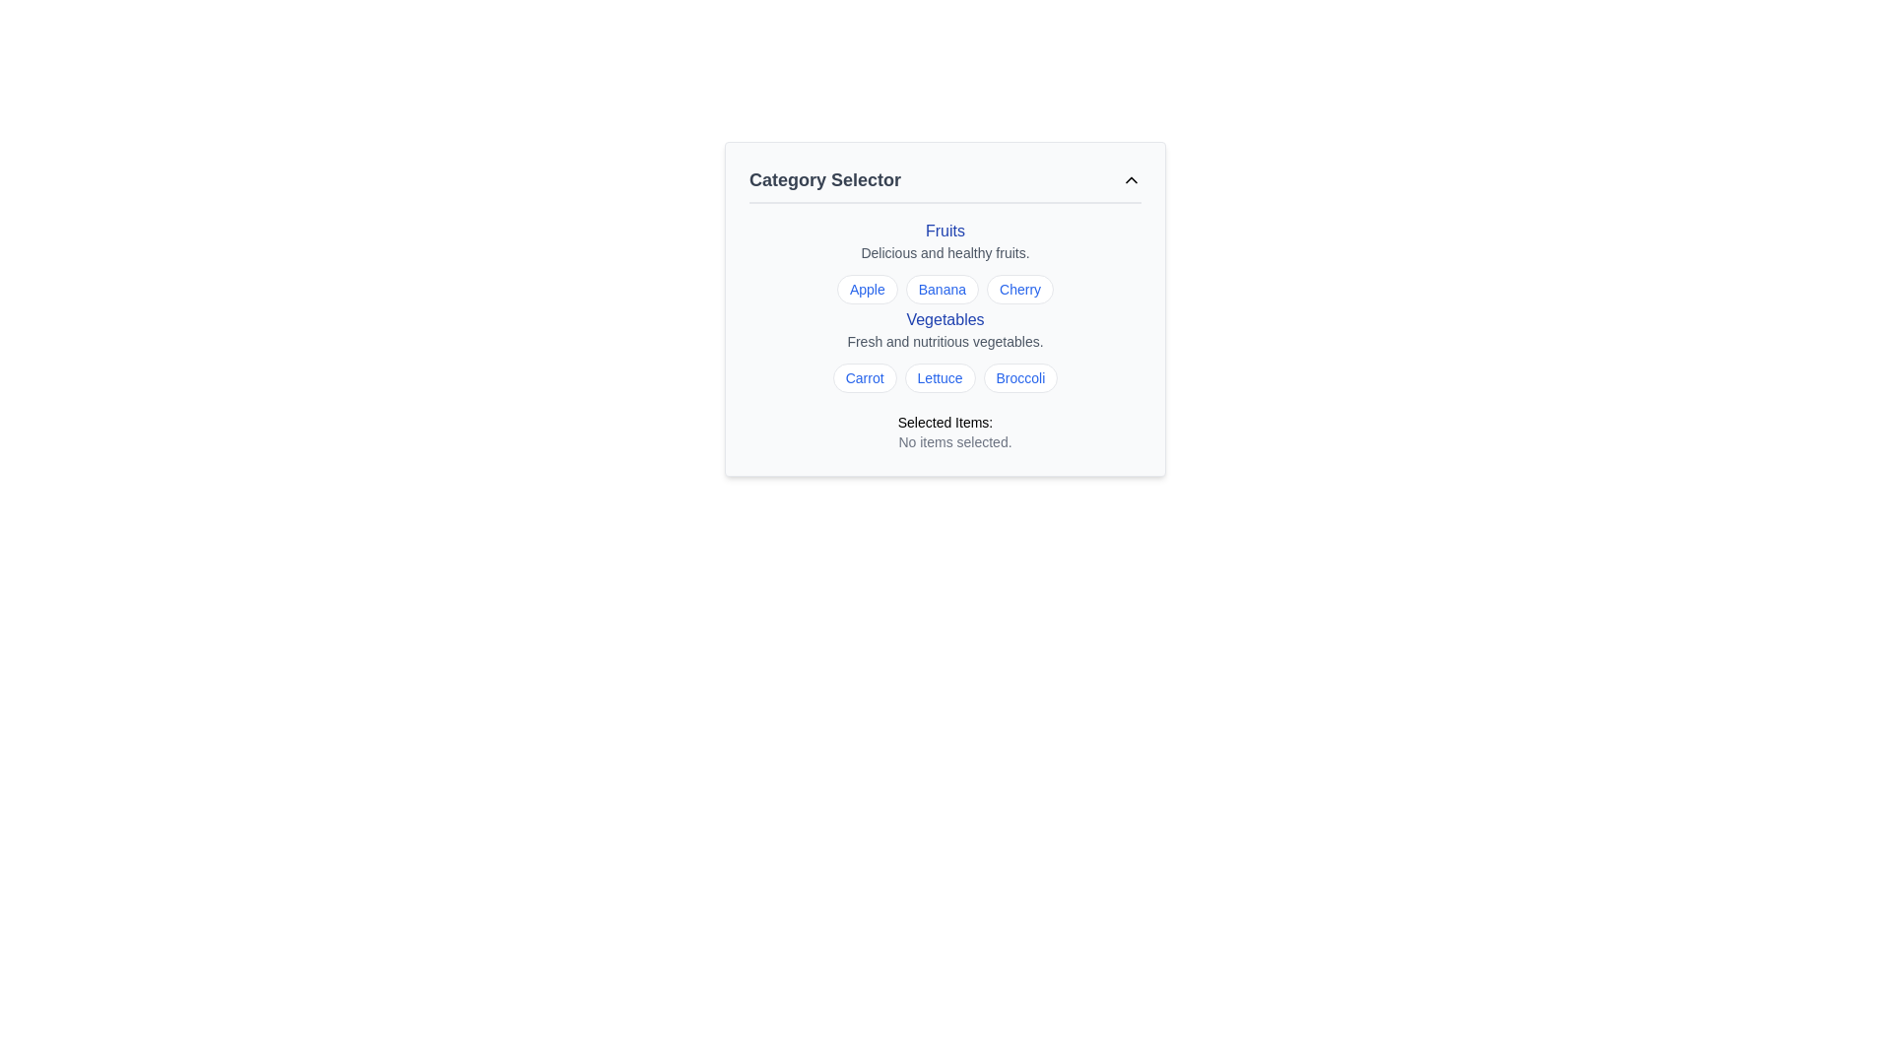  What do you see at coordinates (945, 252) in the screenshot?
I see `the static descriptive text that reads 'Delicious and healthy fruits.' which is styled in gray and positioned under the heading 'Fruits'` at bounding box center [945, 252].